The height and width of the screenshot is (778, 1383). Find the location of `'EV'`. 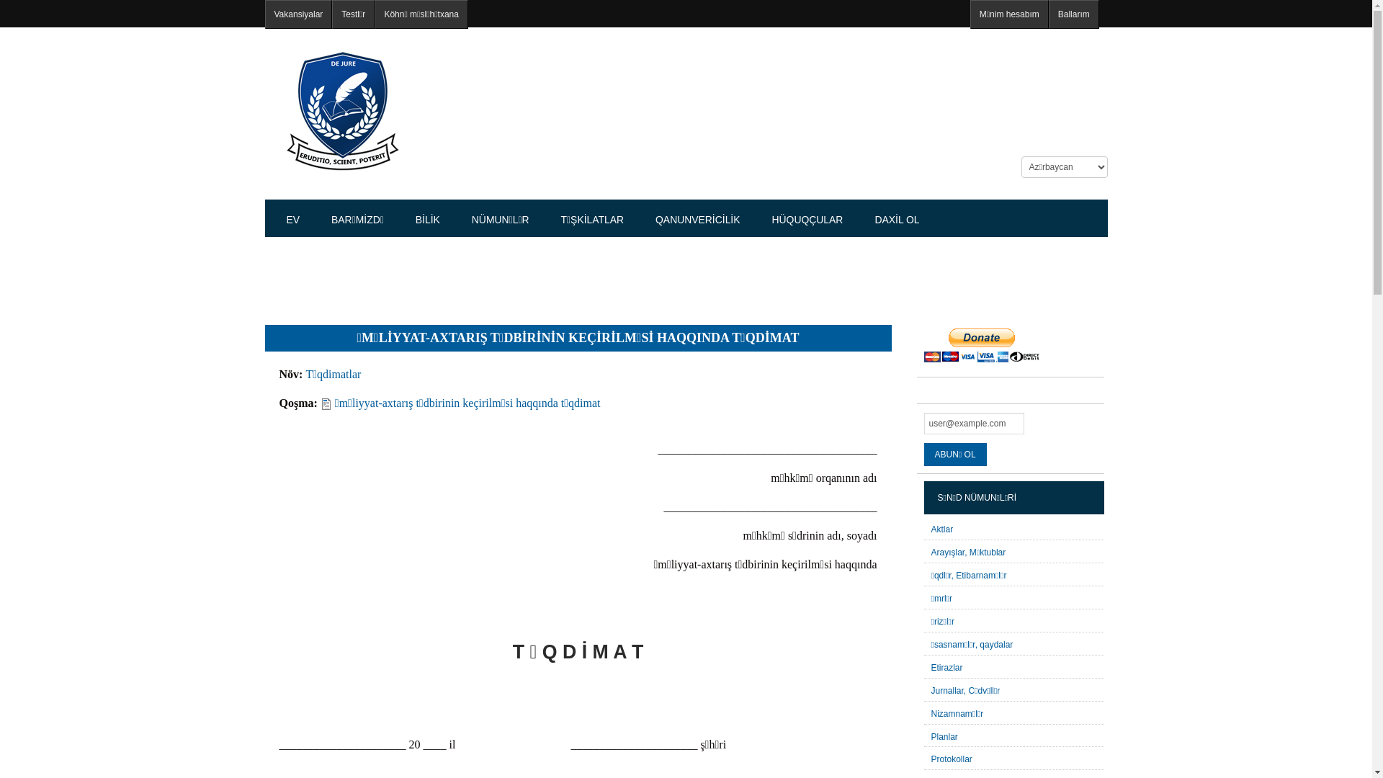

'EV' is located at coordinates (292, 219).